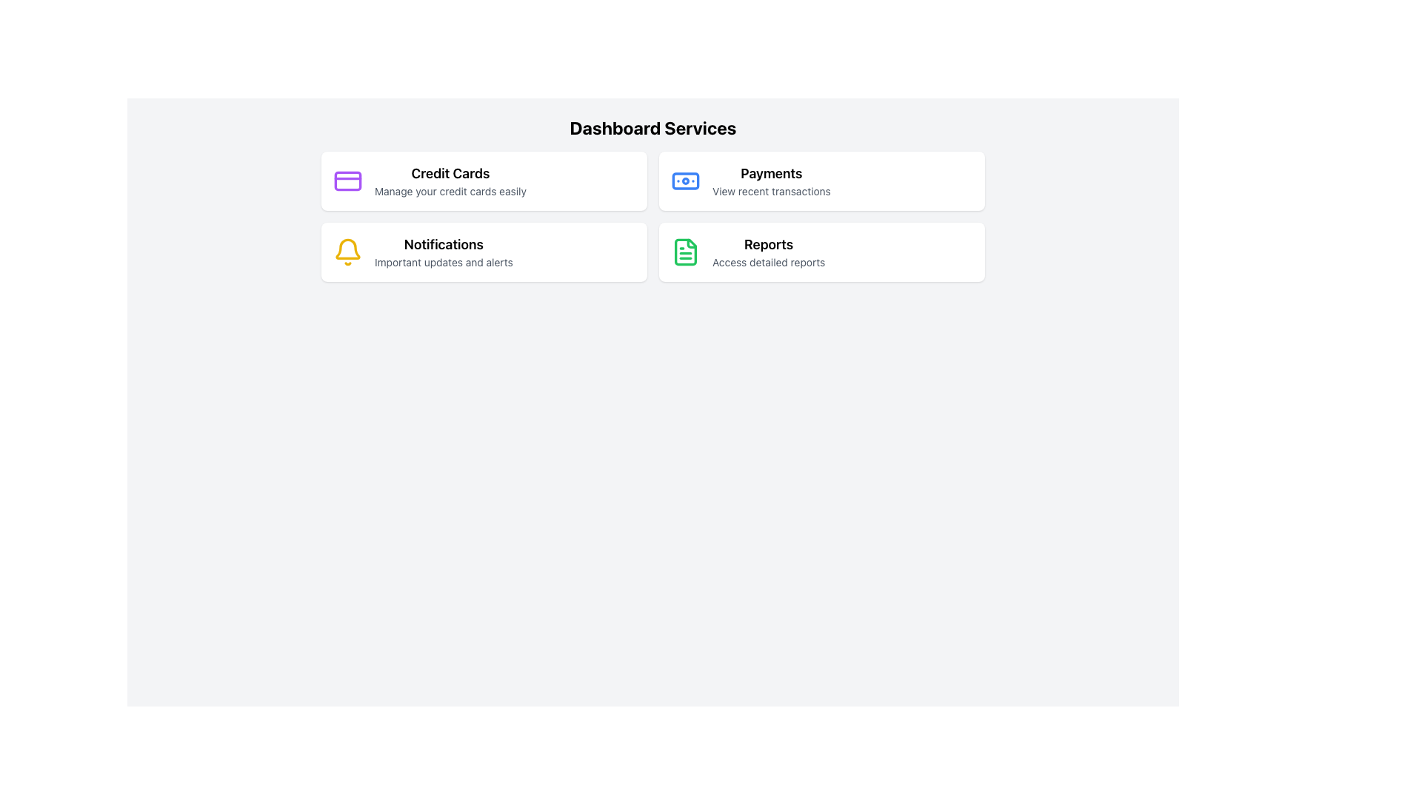  What do you see at coordinates (770, 190) in the screenshot?
I see `the text label that reads 'View recent transactions', which is styled in a small gray font and is located directly below the 'Payments' title in the upper right quadrant of the dashboard` at bounding box center [770, 190].